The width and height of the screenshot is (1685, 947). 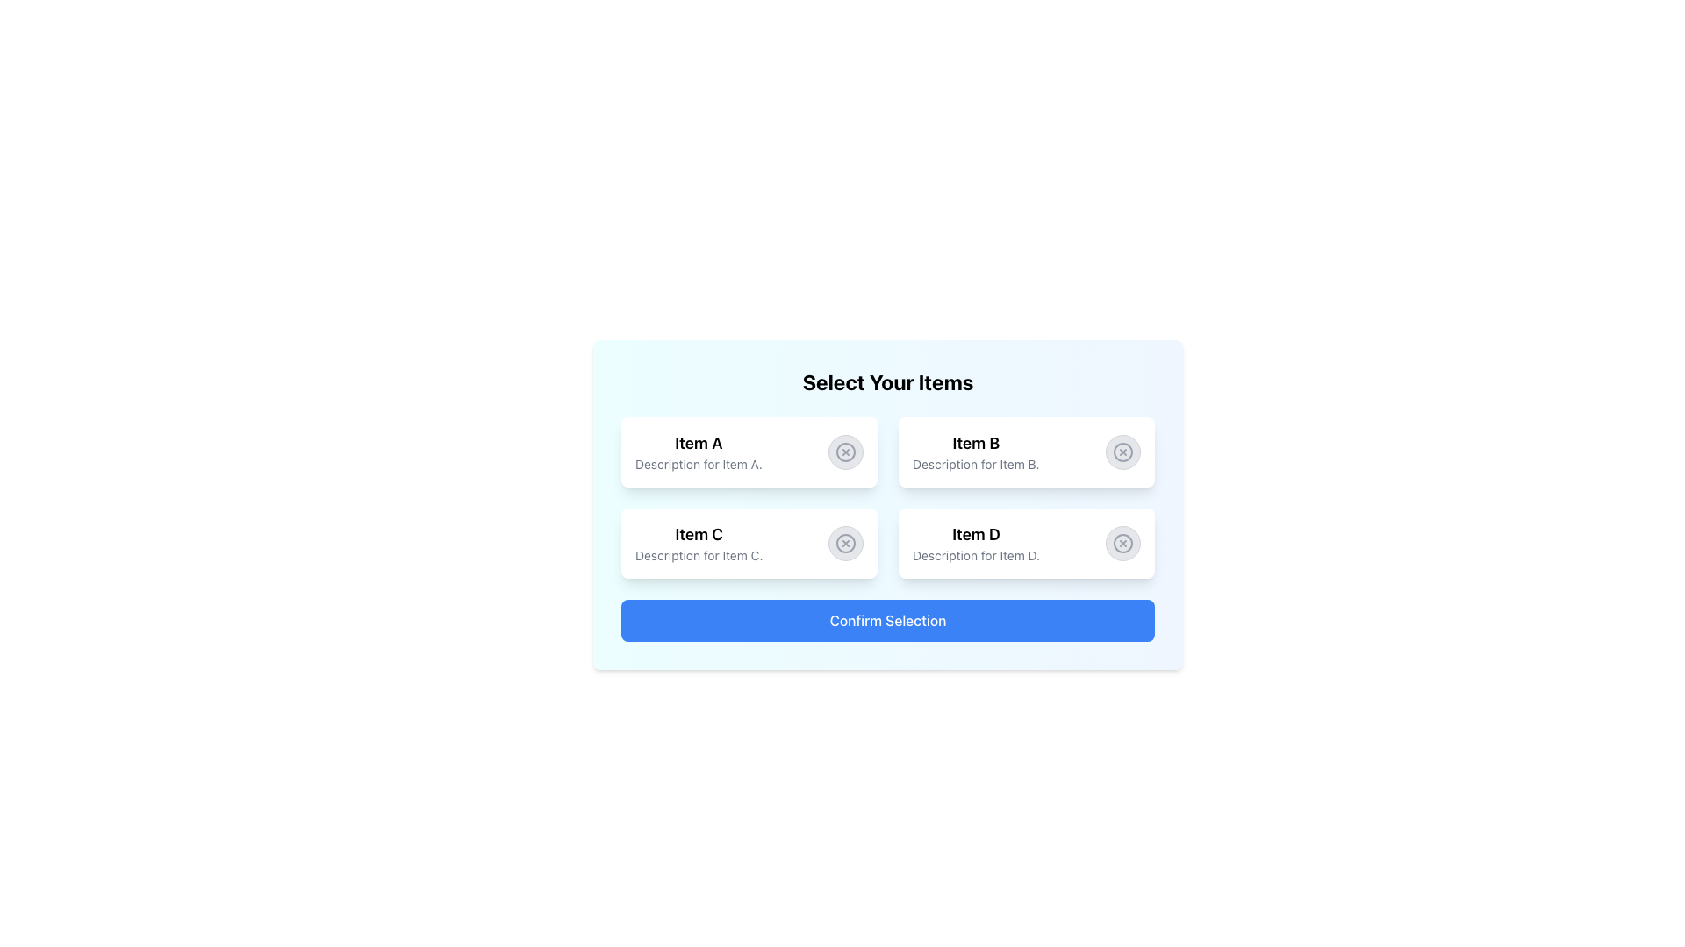 What do you see at coordinates (1123, 452) in the screenshot?
I see `the close button located` at bounding box center [1123, 452].